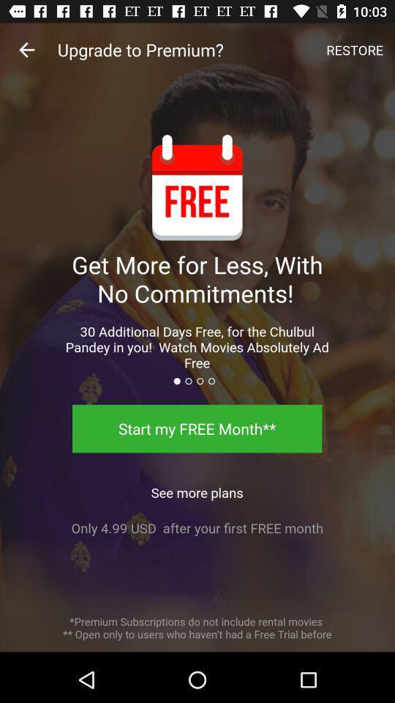  What do you see at coordinates (26, 50) in the screenshot?
I see `the item next to upgrade to premium?` at bounding box center [26, 50].